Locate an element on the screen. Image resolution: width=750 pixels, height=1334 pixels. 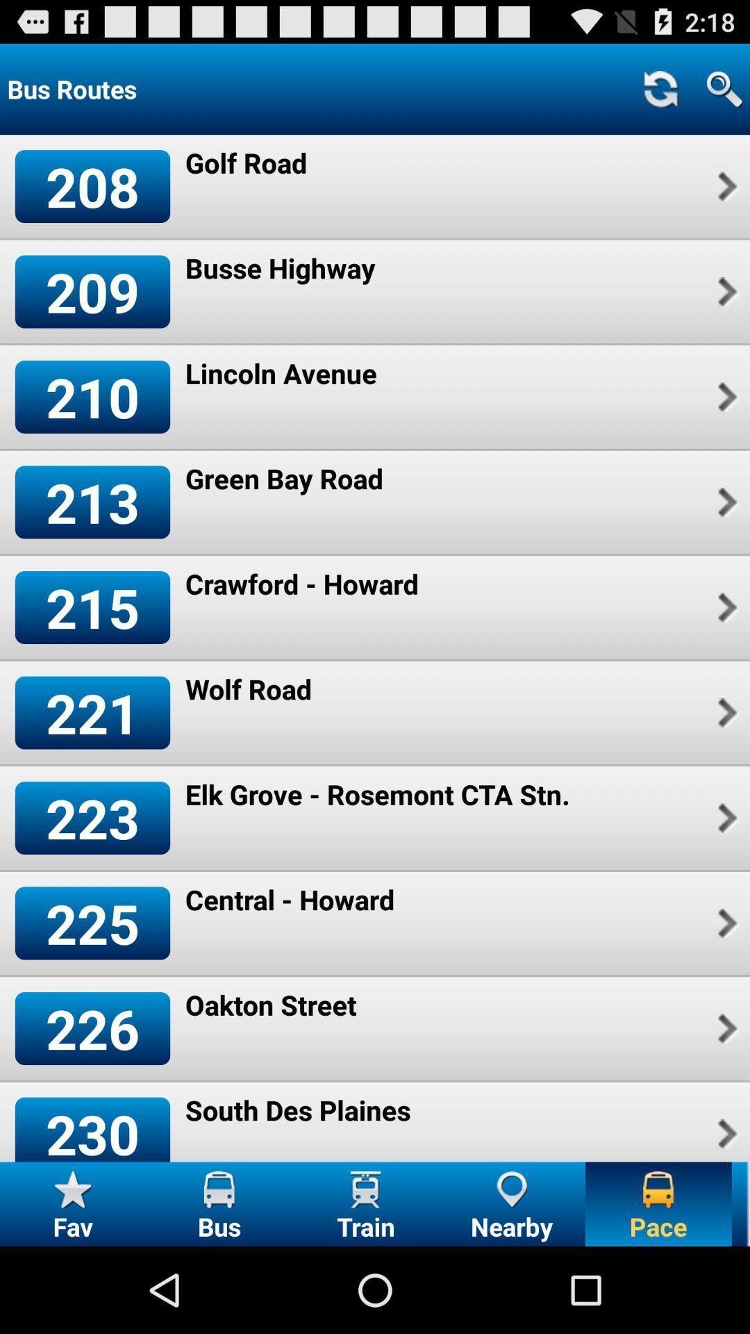
the refresh icon is located at coordinates (660, 94).